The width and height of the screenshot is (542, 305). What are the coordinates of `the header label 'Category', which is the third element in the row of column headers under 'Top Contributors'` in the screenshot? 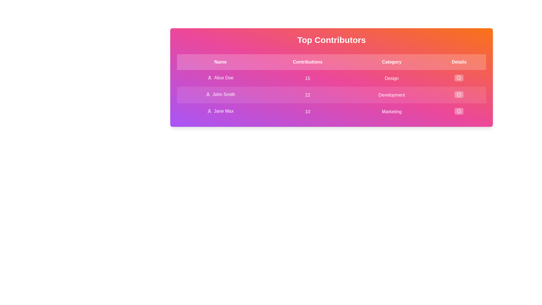 It's located at (391, 62).